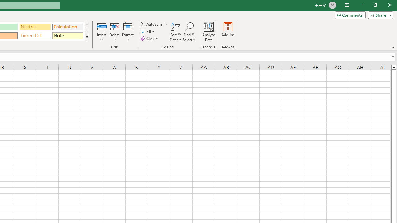  What do you see at coordinates (393, 47) in the screenshot?
I see `'Collapse the Ribbon'` at bounding box center [393, 47].